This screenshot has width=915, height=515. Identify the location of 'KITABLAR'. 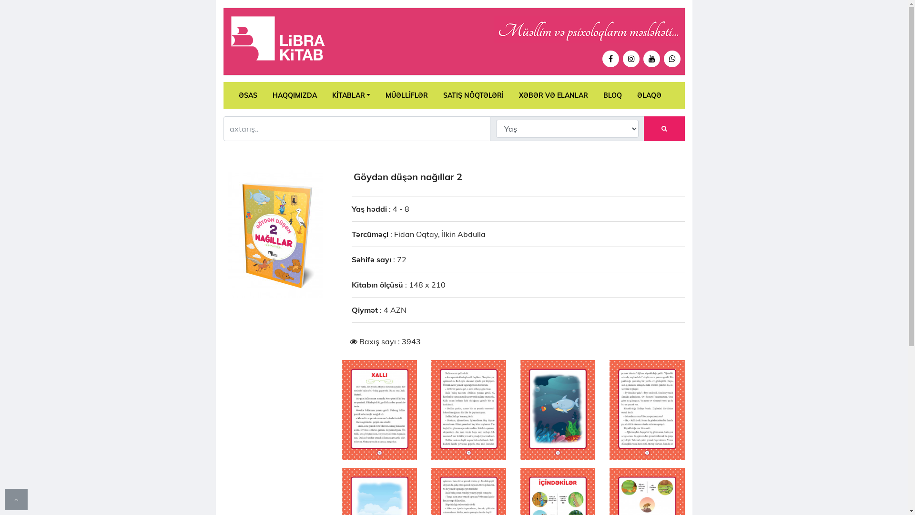
(350, 95).